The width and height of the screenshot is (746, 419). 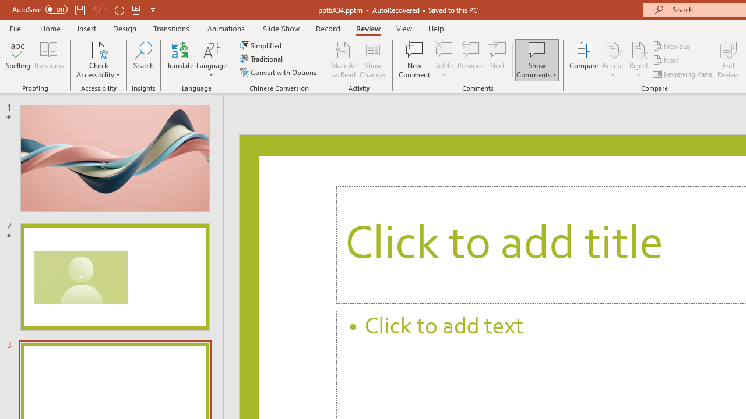 What do you see at coordinates (414, 60) in the screenshot?
I see `'New Comment'` at bounding box center [414, 60].